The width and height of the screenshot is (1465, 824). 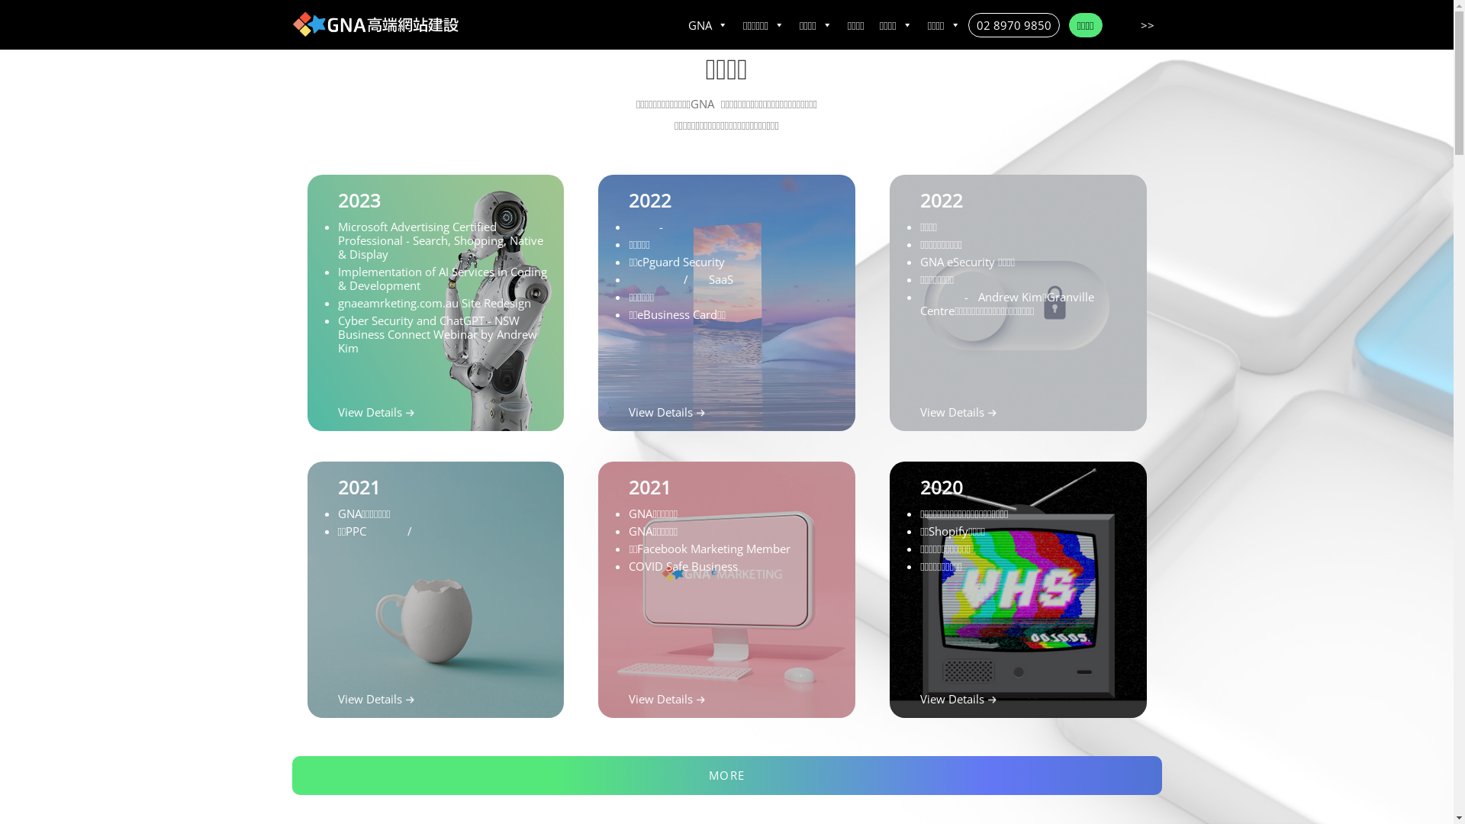 I want to click on 'View Details', so click(x=919, y=412).